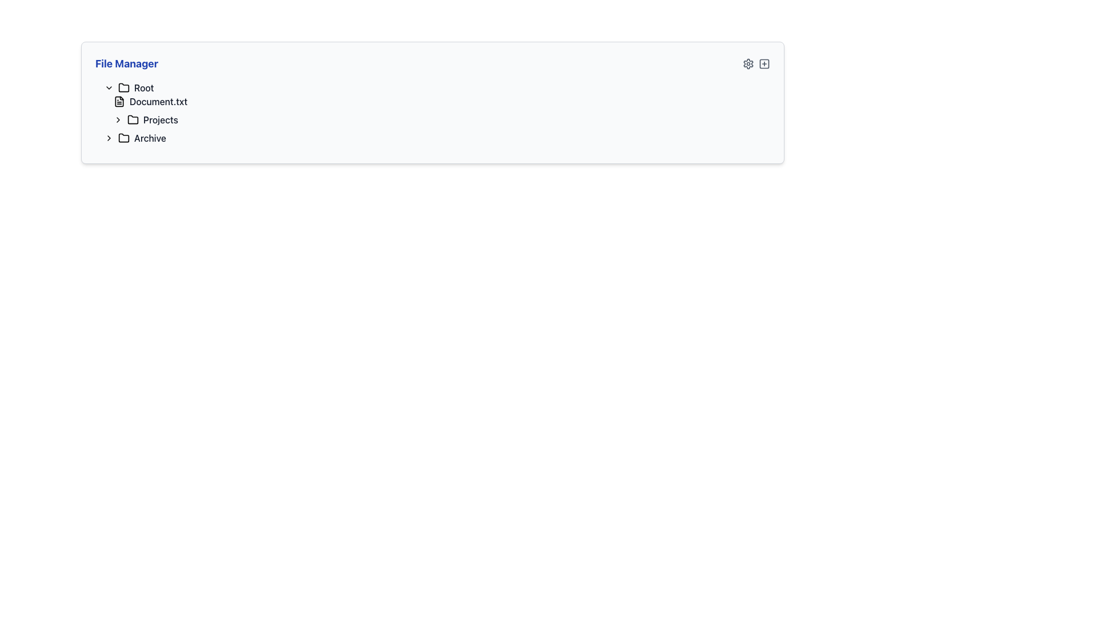 This screenshot has height=617, width=1097. Describe the element at coordinates (123, 87) in the screenshot. I see `the folder icon representing the 'Root' directory in the file structure` at that location.